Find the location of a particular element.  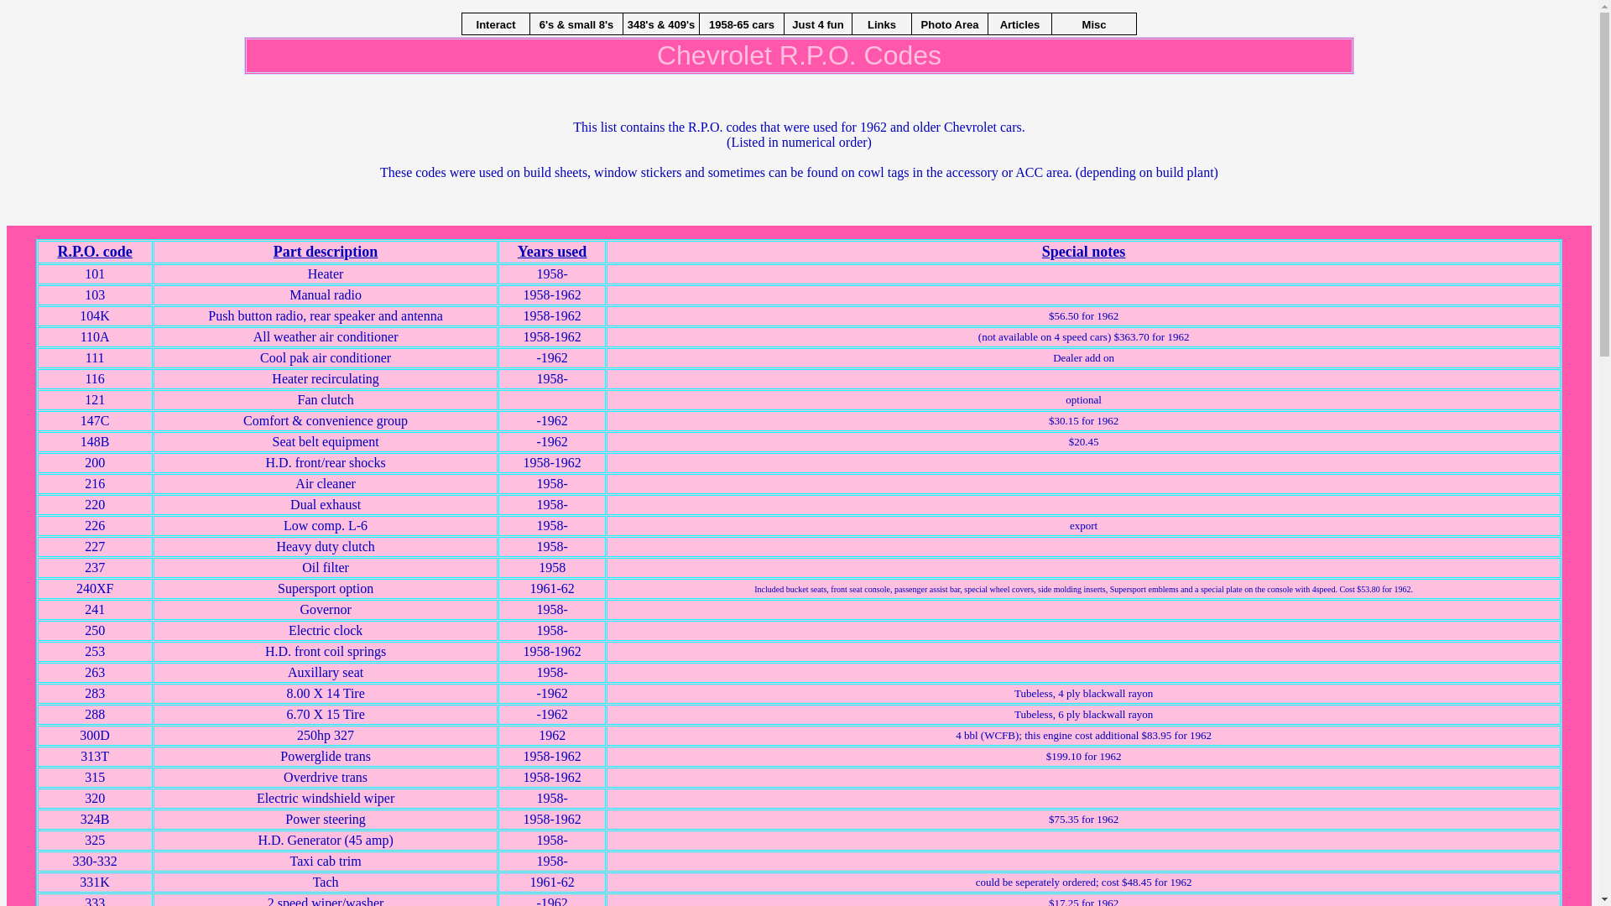

'Just 4 fun' is located at coordinates (784, 23).